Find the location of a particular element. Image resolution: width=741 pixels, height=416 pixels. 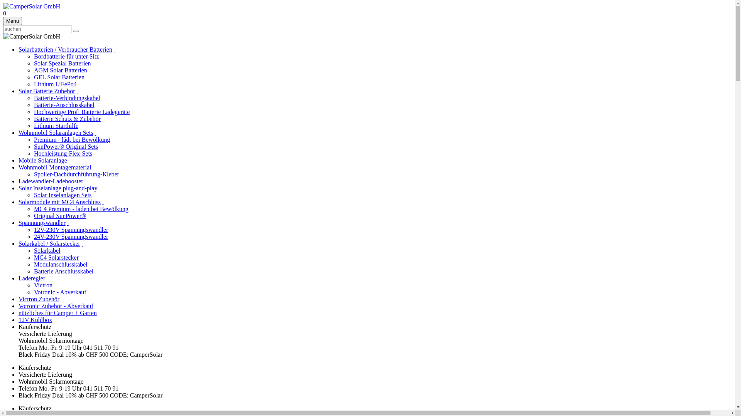

'Solar Inselanlage plug-and-play' is located at coordinates (57, 188).